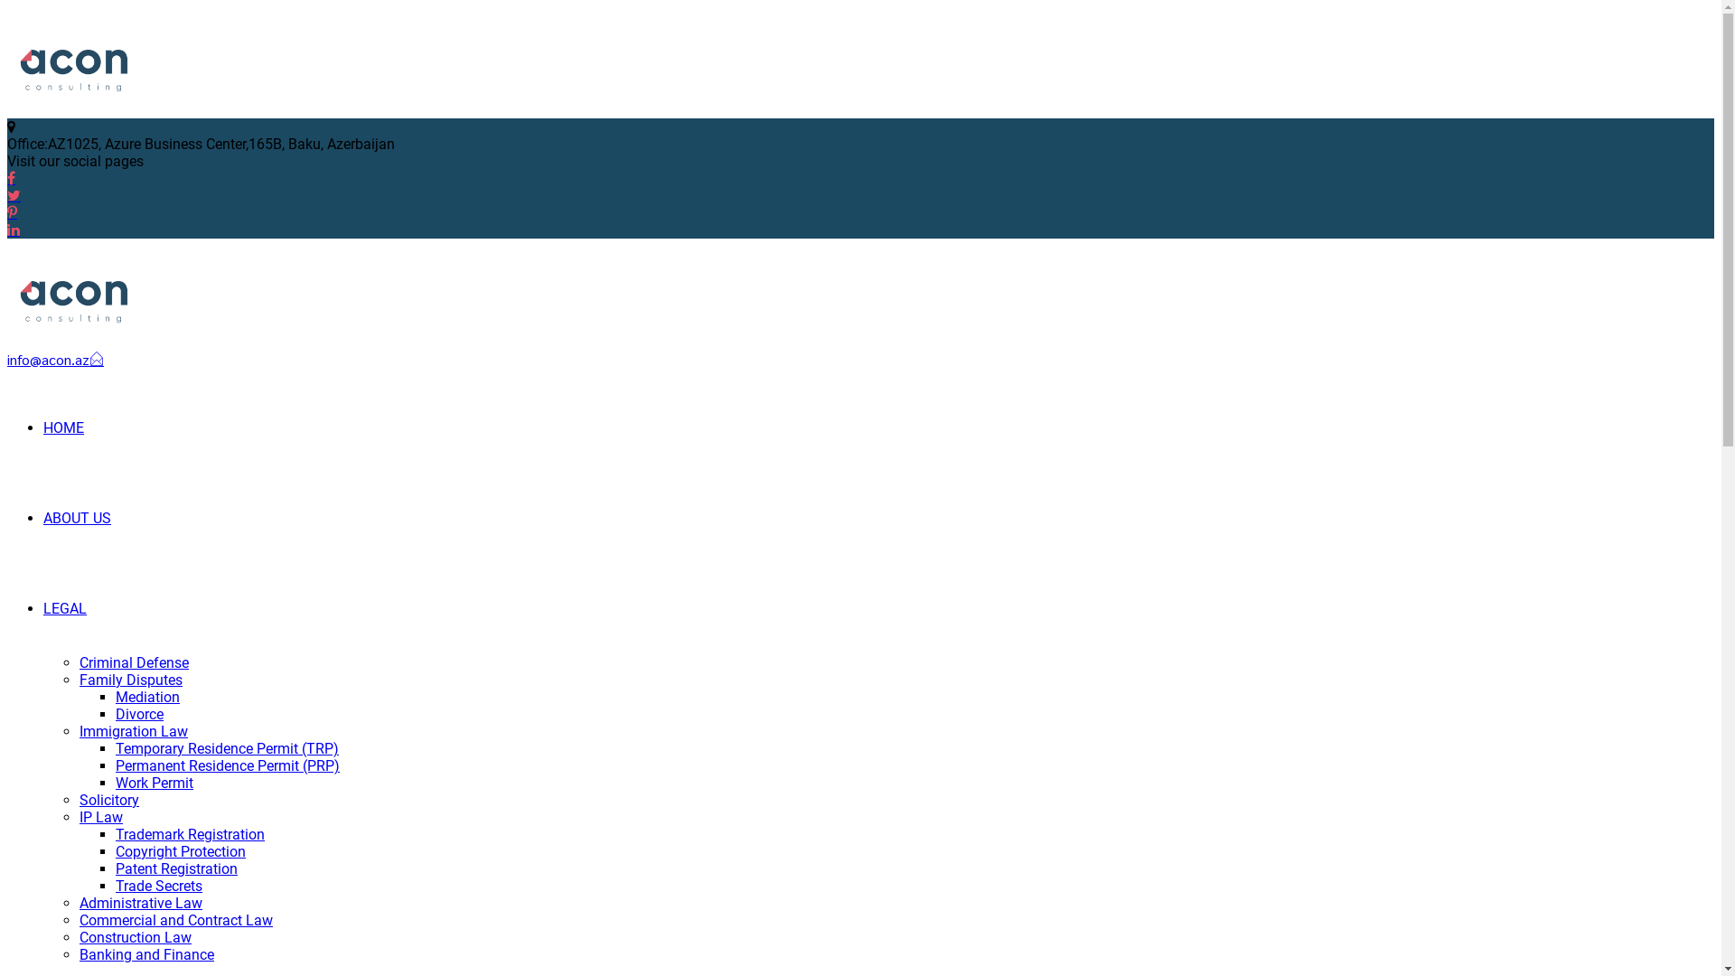 The image size is (1735, 976). Describe the element at coordinates (108, 799) in the screenshot. I see `'Solicitory'` at that location.